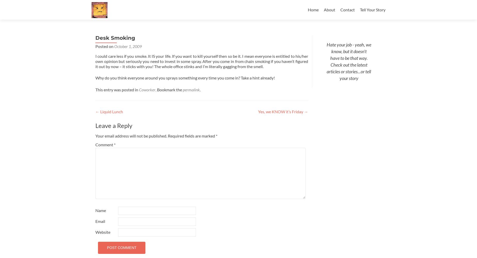 The height and width of the screenshot is (258, 477). What do you see at coordinates (185, 78) in the screenshot?
I see `'Why do you think everyone around you sprays something every time you come in? Take a hint already!'` at bounding box center [185, 78].